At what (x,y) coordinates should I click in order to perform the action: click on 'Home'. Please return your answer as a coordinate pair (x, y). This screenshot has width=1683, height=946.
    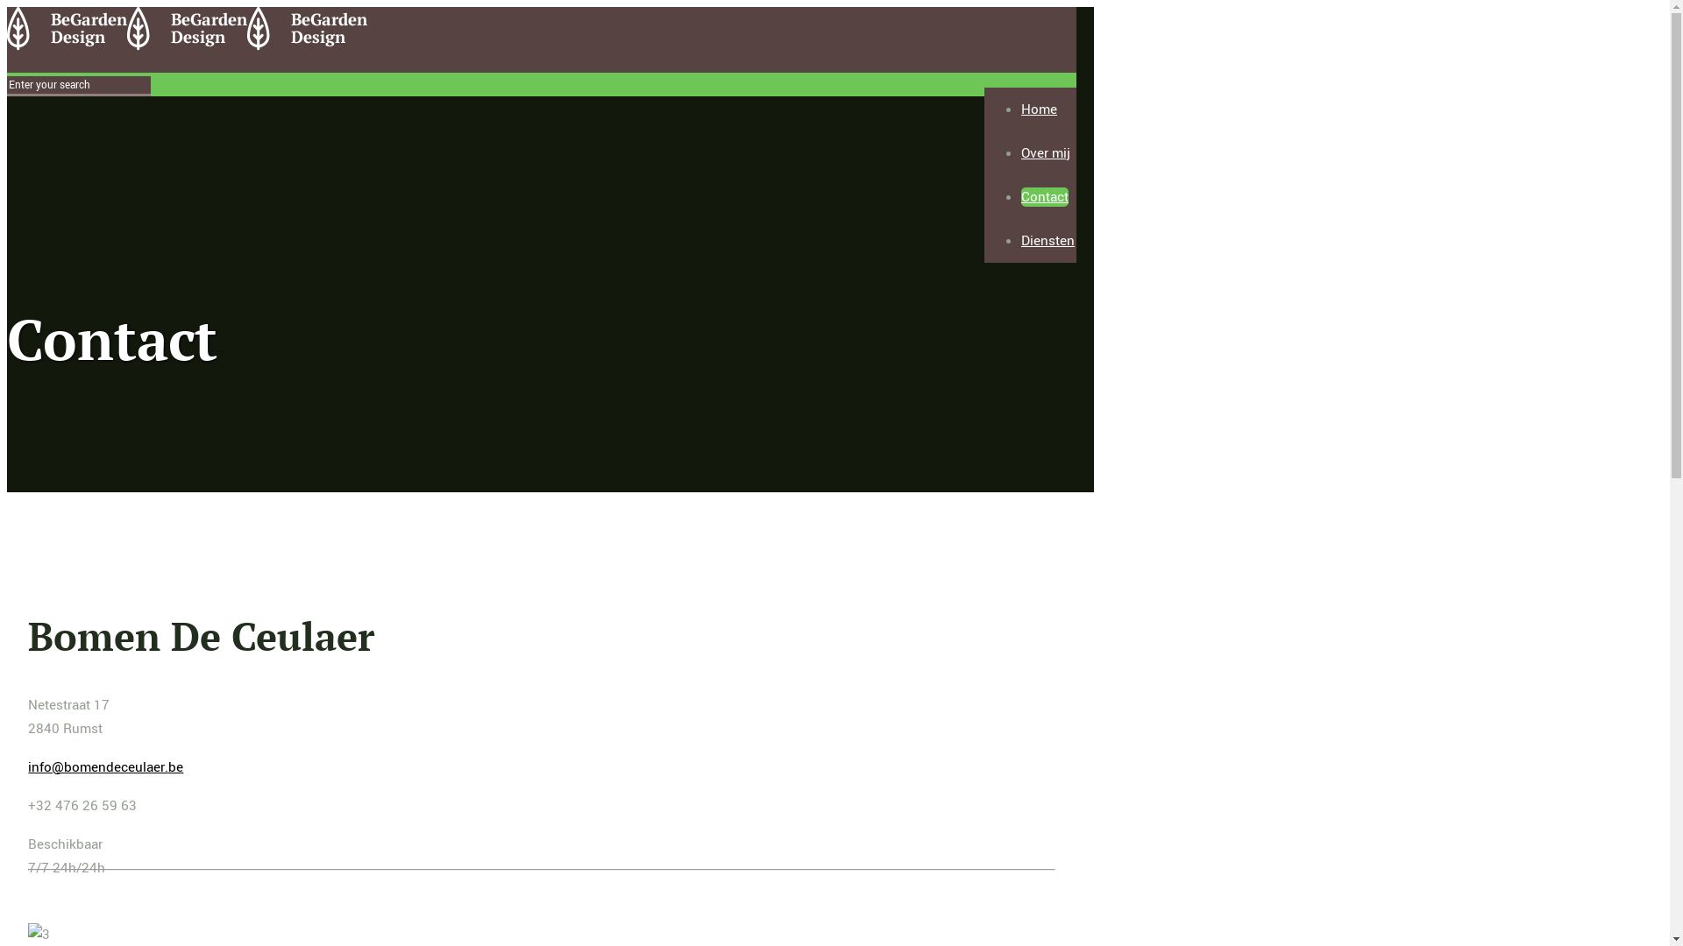
    Looking at the image, I should click on (1039, 109).